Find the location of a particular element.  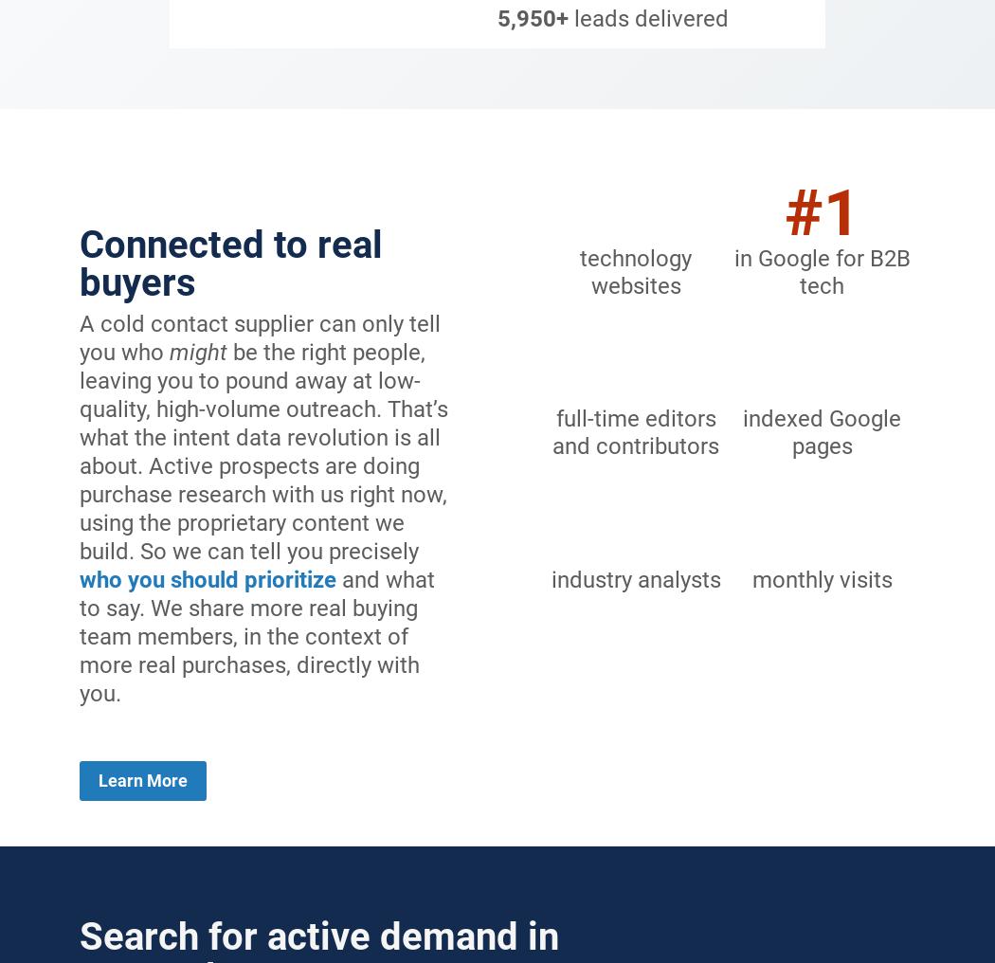

'in Google for B2B tech' is located at coordinates (820, 270).